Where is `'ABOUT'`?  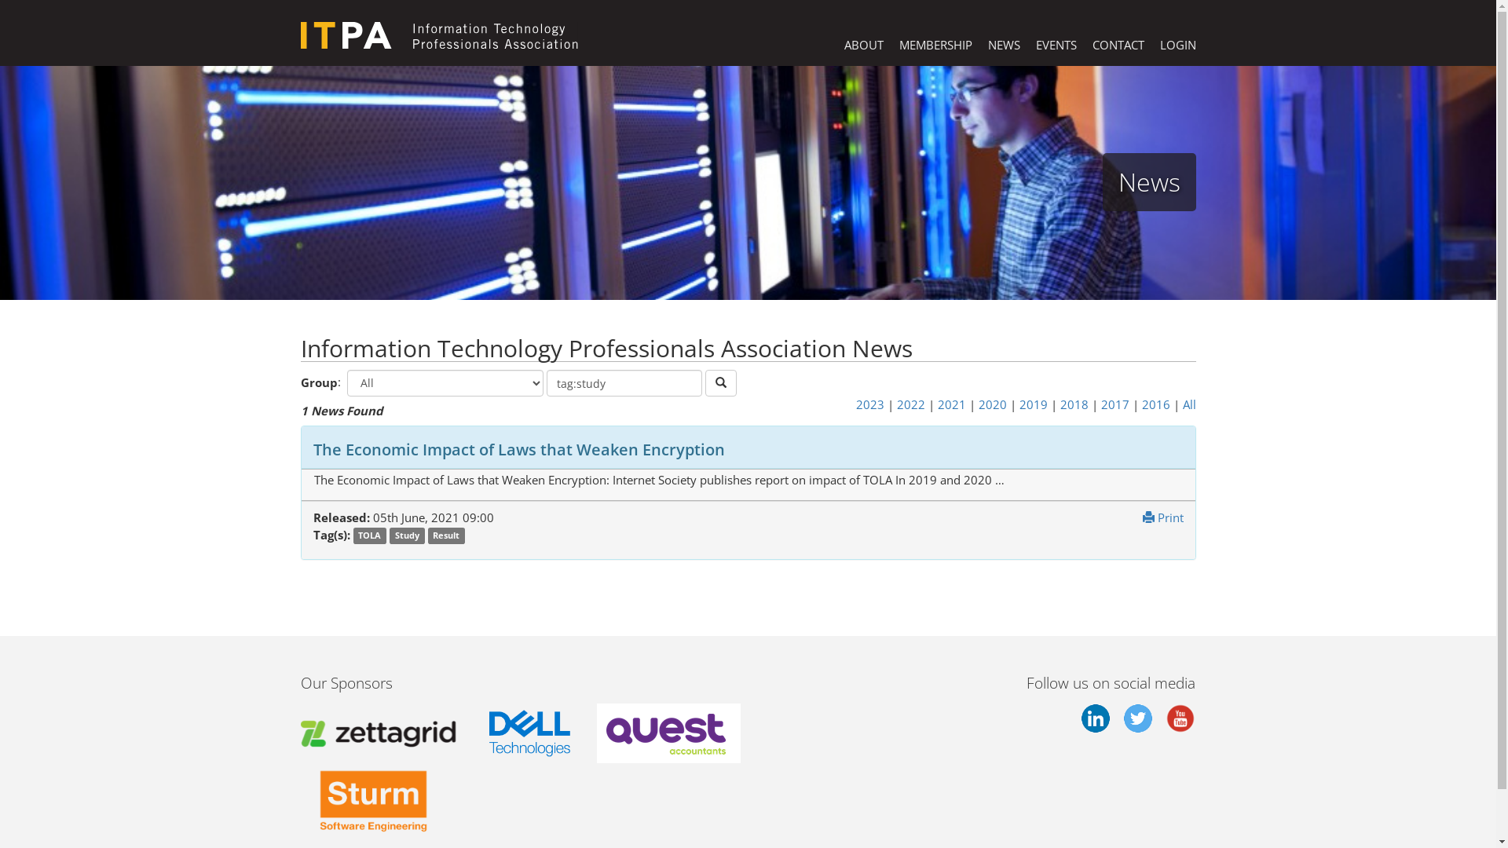
'ABOUT' is located at coordinates (862, 44).